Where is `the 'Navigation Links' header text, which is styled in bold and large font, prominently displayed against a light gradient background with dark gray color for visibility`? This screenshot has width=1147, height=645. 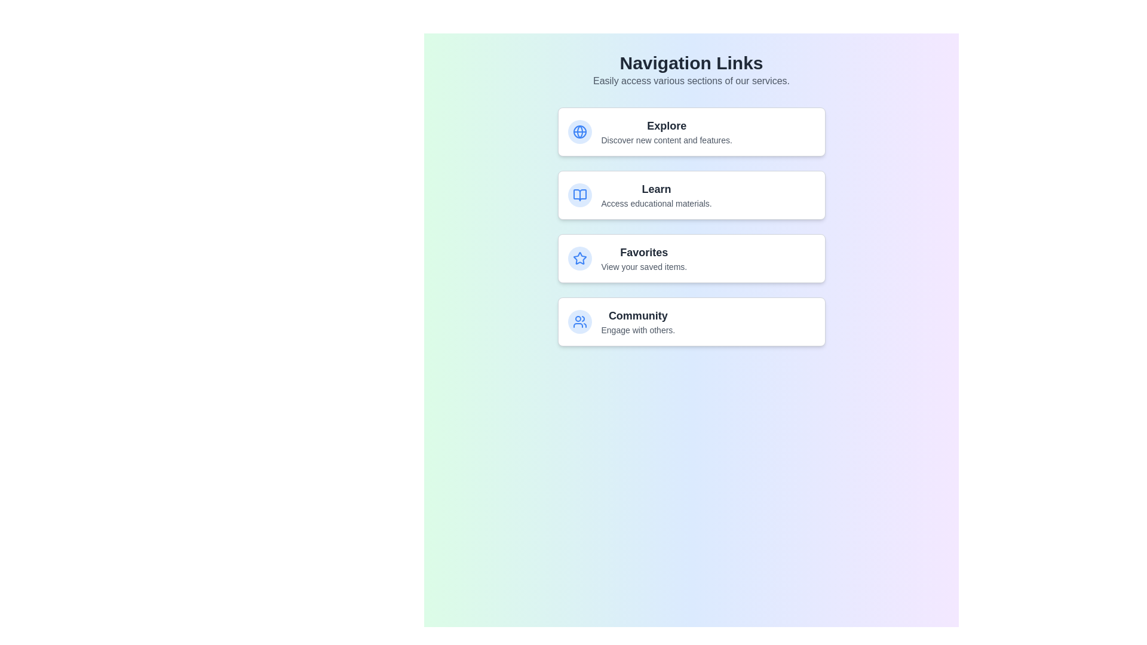 the 'Navigation Links' header text, which is styled in bold and large font, prominently displayed against a light gradient background with dark gray color for visibility is located at coordinates (691, 63).